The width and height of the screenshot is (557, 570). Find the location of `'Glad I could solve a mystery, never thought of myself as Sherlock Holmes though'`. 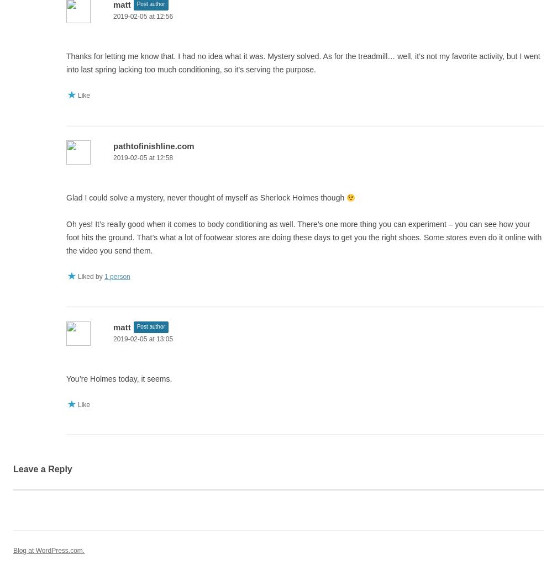

'Glad I could solve a mystery, never thought of myself as Sherlock Holmes though' is located at coordinates (206, 198).